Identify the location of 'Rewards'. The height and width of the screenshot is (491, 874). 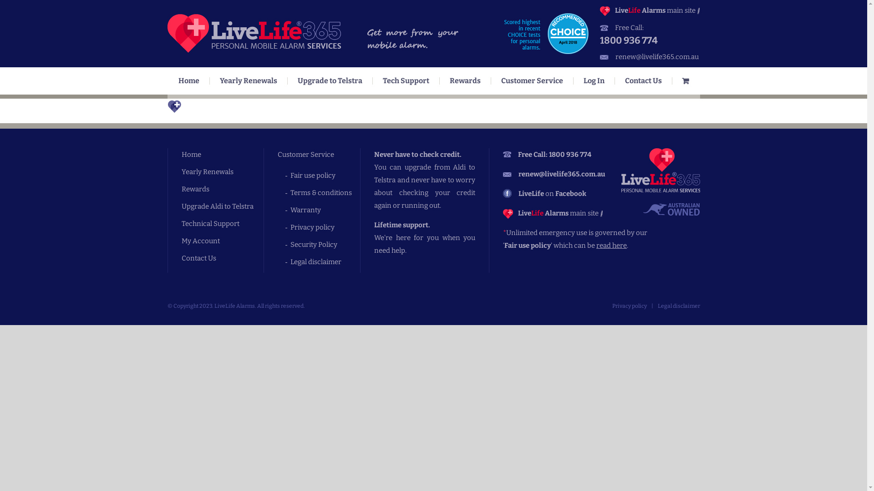
(222, 189).